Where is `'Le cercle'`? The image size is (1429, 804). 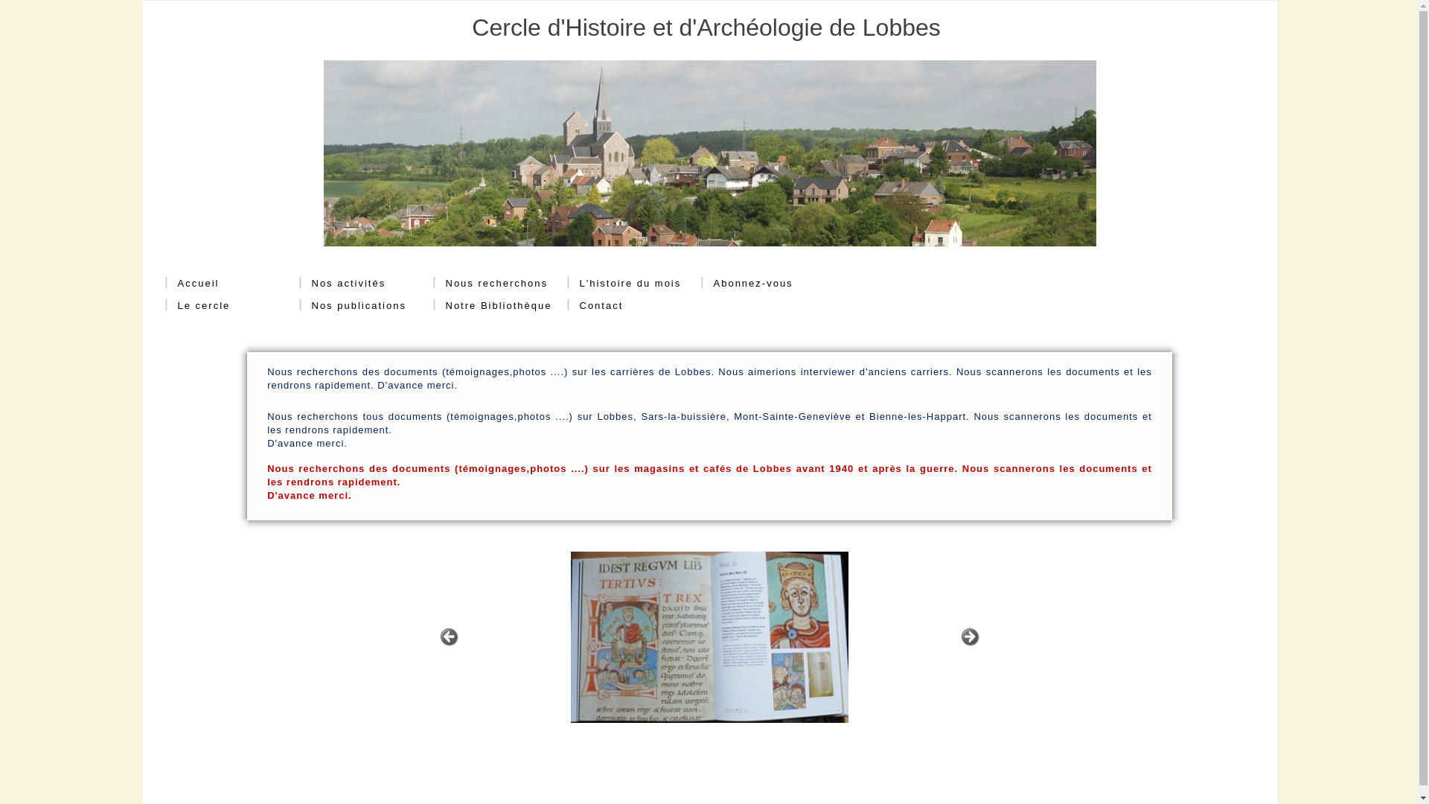
'Le cercle' is located at coordinates (202, 305).